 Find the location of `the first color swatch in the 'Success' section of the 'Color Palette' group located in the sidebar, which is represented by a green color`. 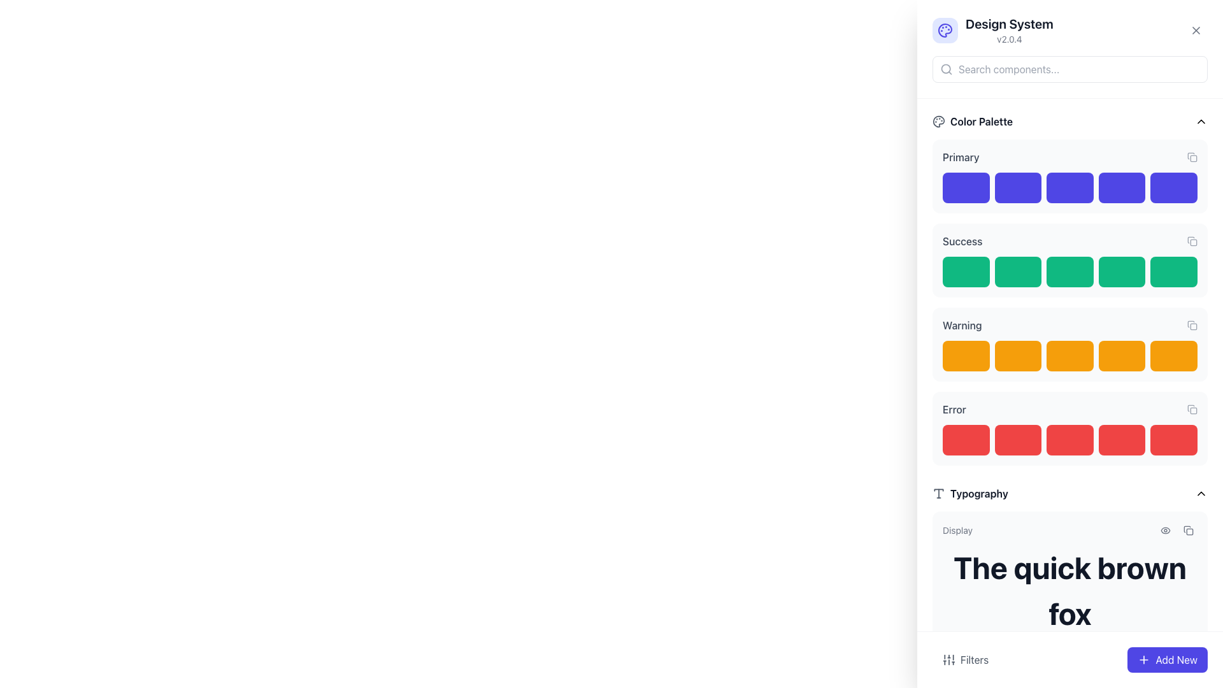

the first color swatch in the 'Success' section of the 'Color Palette' group located in the sidebar, which is represented by a green color is located at coordinates (966, 271).